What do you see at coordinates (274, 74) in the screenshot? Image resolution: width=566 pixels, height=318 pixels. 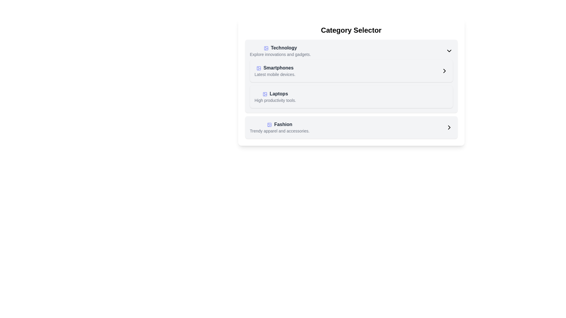 I see `the descriptive text 'Latest mobile devices.' located under the bold title 'Smartphones' in the 'Category Selector'` at bounding box center [274, 74].